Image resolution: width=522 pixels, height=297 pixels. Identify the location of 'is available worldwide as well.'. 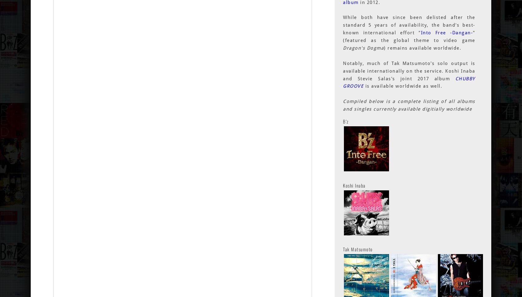
(363, 86).